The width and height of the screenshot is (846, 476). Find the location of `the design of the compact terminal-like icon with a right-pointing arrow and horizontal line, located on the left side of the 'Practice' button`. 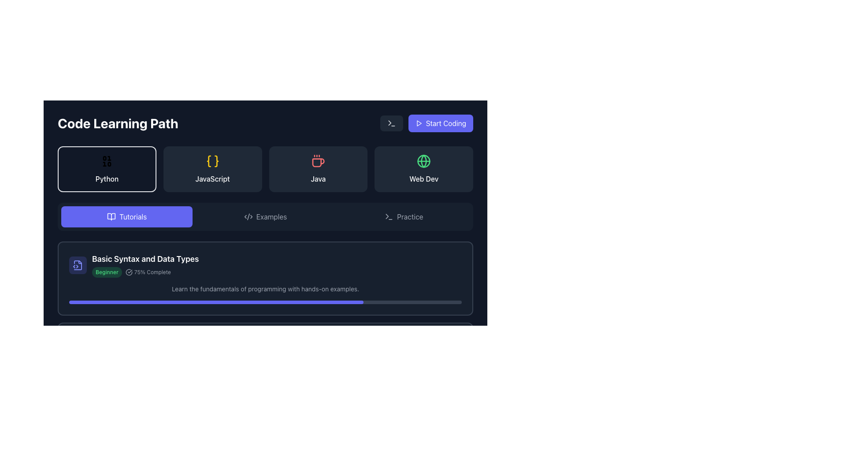

the design of the compact terminal-like icon with a right-pointing arrow and horizontal line, located on the left side of the 'Practice' button is located at coordinates (389, 217).